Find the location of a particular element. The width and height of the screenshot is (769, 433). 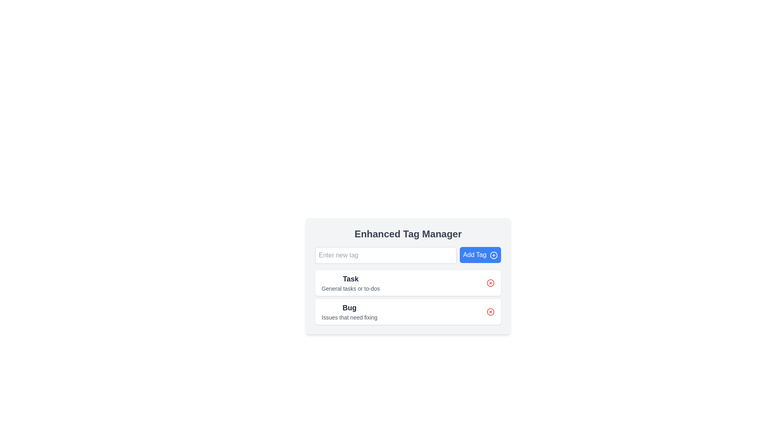

the static text label that describes general tasks or to-dos, positioned in the top section of the first card within a list of items, above the 'Bug' card is located at coordinates (350, 282).